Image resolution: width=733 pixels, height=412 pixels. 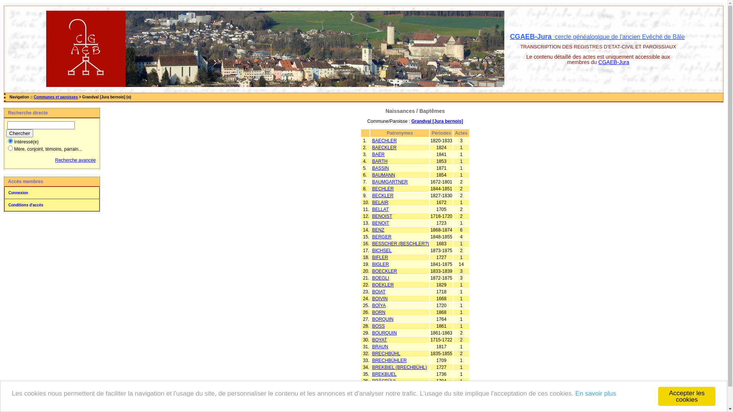 I want to click on 'BOECKLER', so click(x=384, y=270).